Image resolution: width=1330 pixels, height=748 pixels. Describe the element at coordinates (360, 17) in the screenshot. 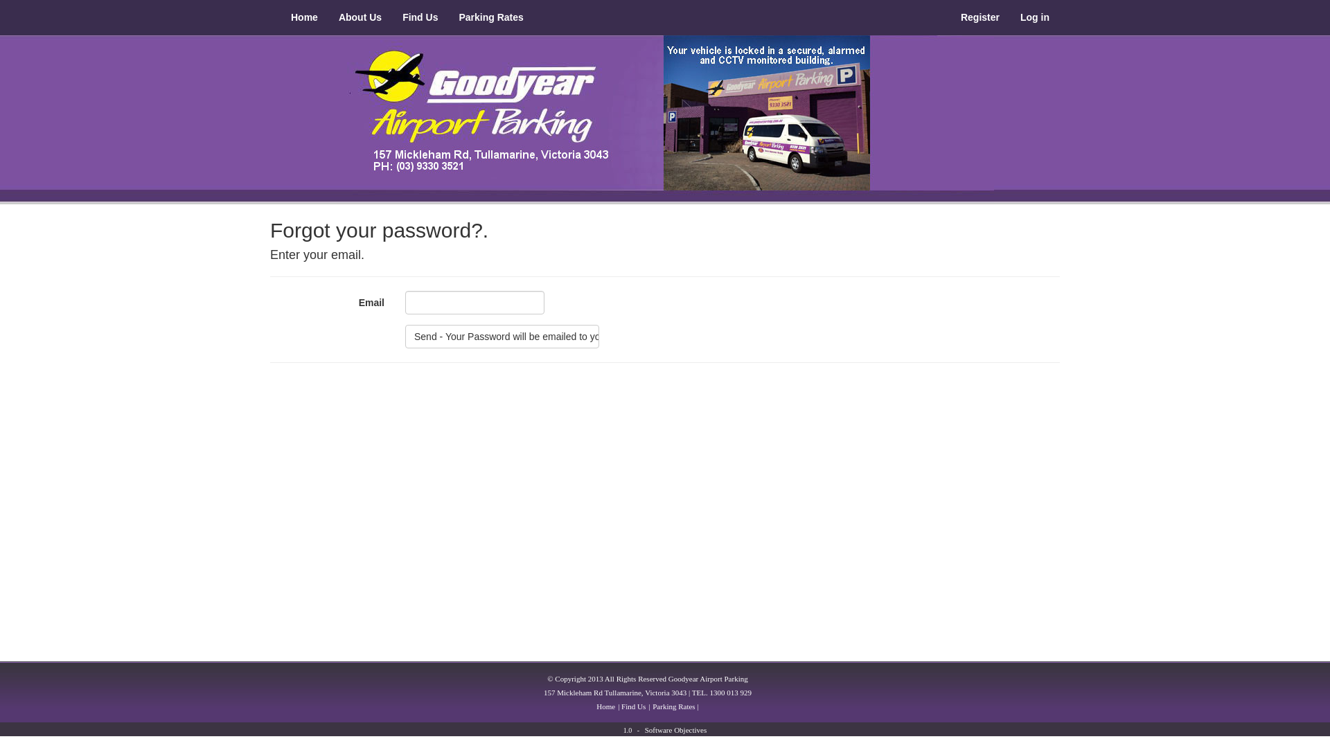

I see `'About Us'` at that location.